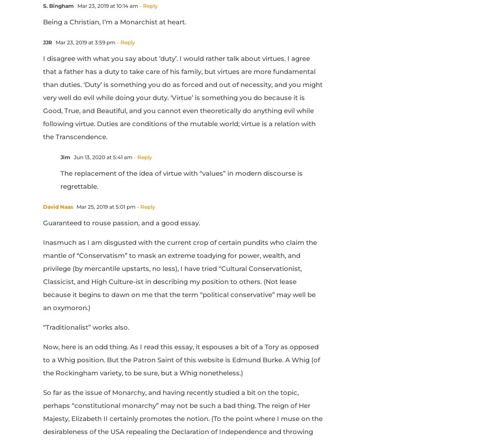 This screenshot has width=500, height=441. Describe the element at coordinates (43, 359) in the screenshot. I see `'Now, here is an odd thing.  As I read this essay, it espouses a bit of a Tory as opposed to a Whig position.  But the Patron Saint of this website is Edmund Burke.  A Whig (of the Rockingham variety, to be sure, but a Whig nonetheless.)'` at that location.